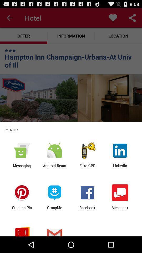 The height and width of the screenshot is (253, 142). I want to click on the icon next to fake gps item, so click(120, 168).